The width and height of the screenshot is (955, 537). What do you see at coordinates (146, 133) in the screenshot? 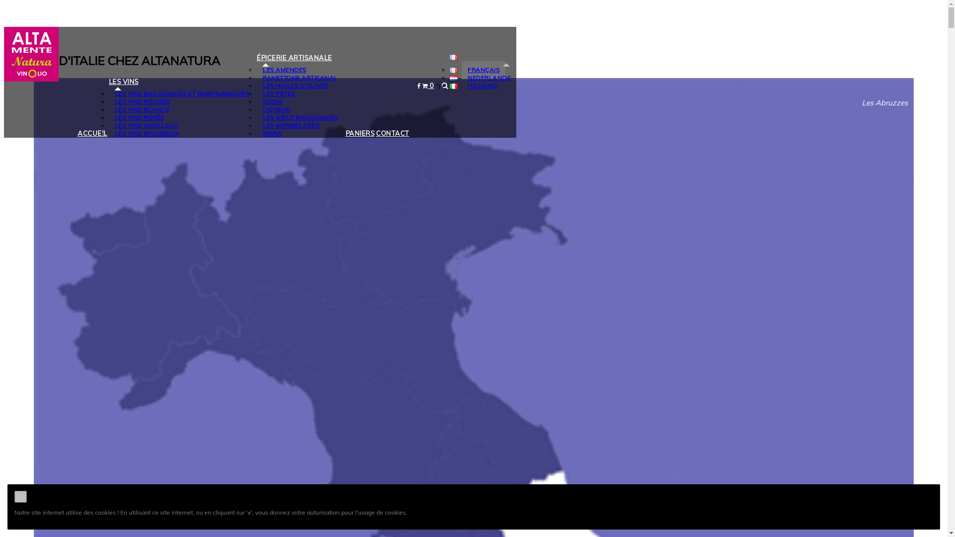
I see `'LES VINS MOUSSEUX'` at bounding box center [146, 133].